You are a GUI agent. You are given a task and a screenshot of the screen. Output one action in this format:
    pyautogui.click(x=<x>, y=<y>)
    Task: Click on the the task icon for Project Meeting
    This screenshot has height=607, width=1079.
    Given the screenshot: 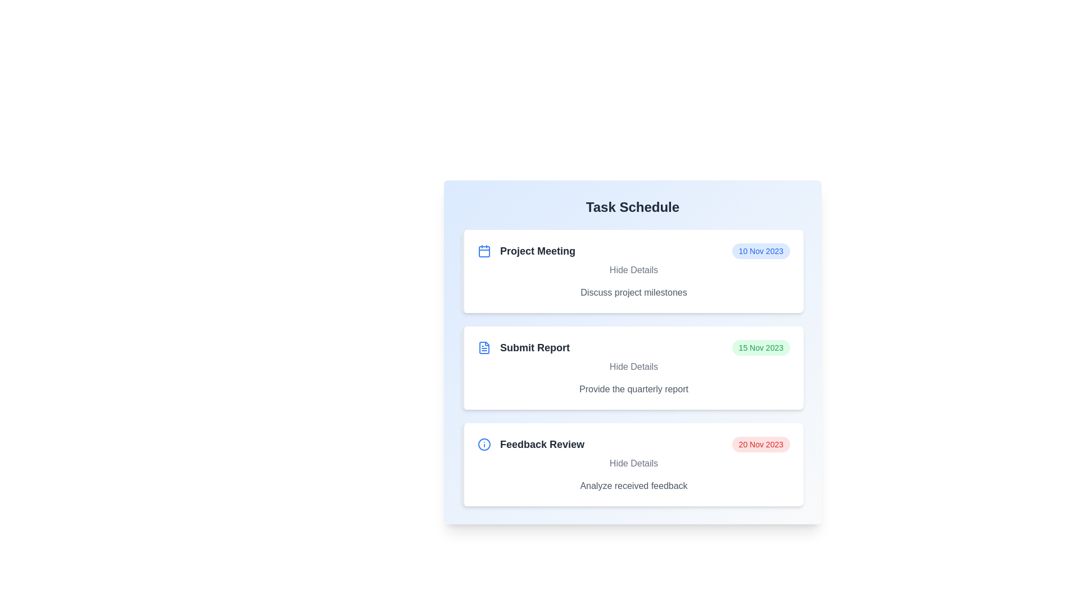 What is the action you would take?
    pyautogui.click(x=484, y=251)
    